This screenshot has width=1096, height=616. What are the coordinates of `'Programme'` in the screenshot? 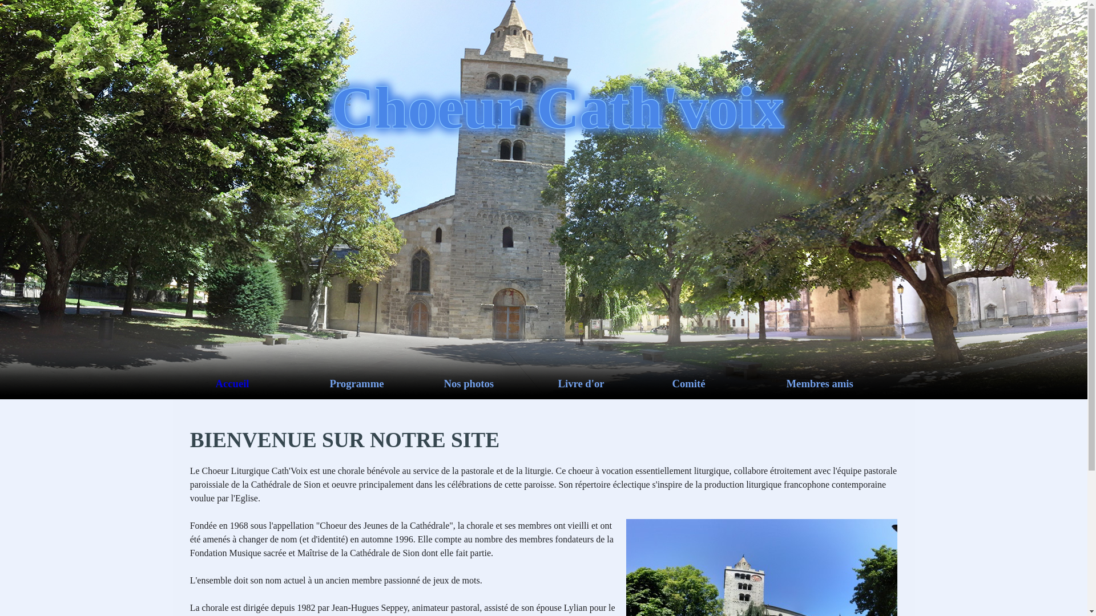 It's located at (329, 383).